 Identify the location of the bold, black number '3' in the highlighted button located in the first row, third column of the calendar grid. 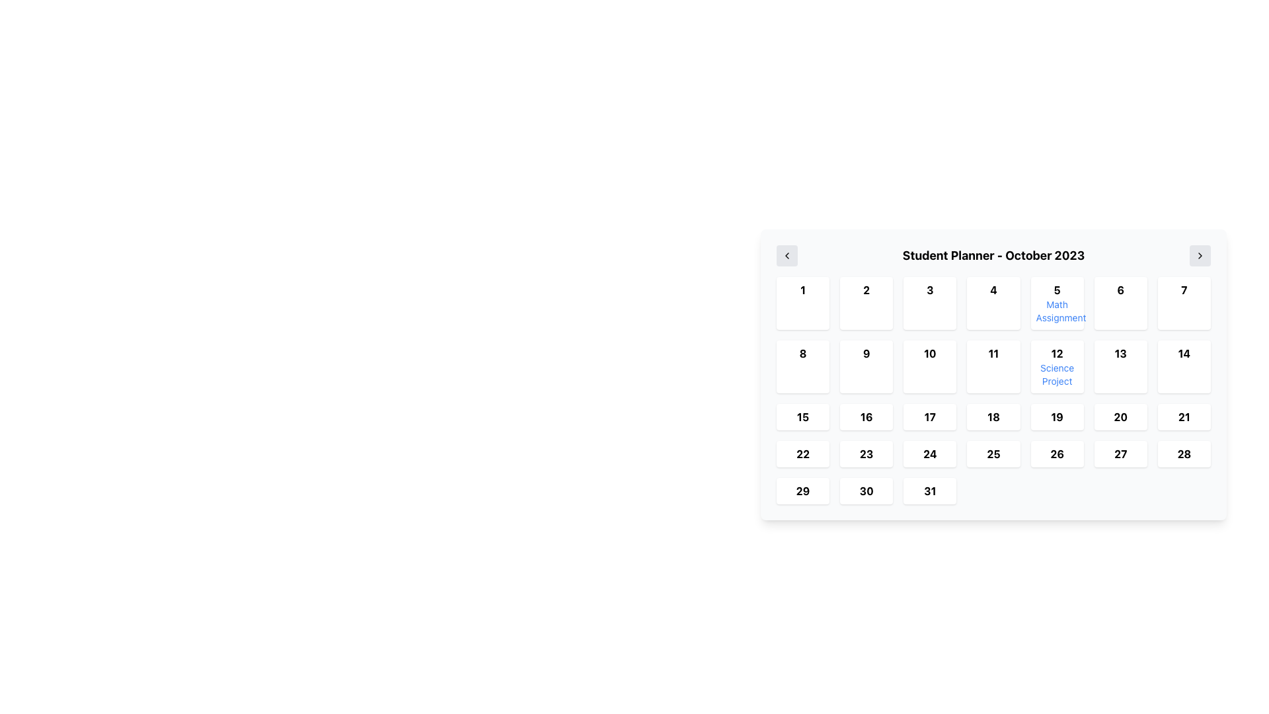
(929, 290).